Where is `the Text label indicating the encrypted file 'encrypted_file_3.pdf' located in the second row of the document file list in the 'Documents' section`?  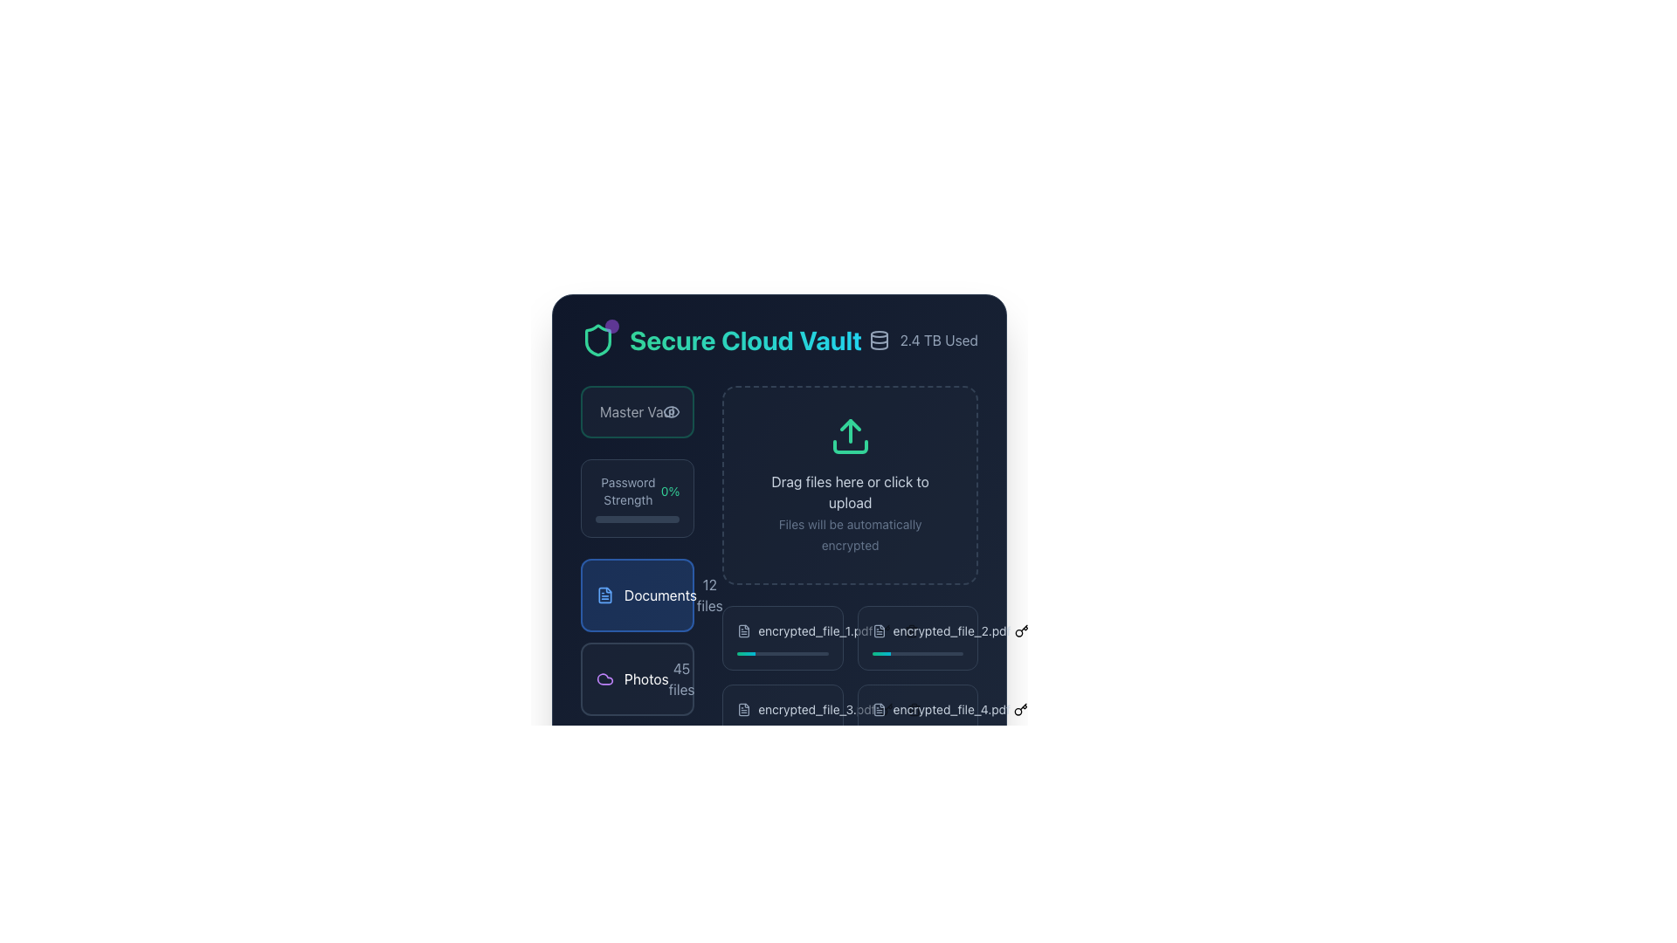 the Text label indicating the encrypted file 'encrypted_file_3.pdf' located in the second row of the document file list in the 'Documents' section is located at coordinates (782, 710).